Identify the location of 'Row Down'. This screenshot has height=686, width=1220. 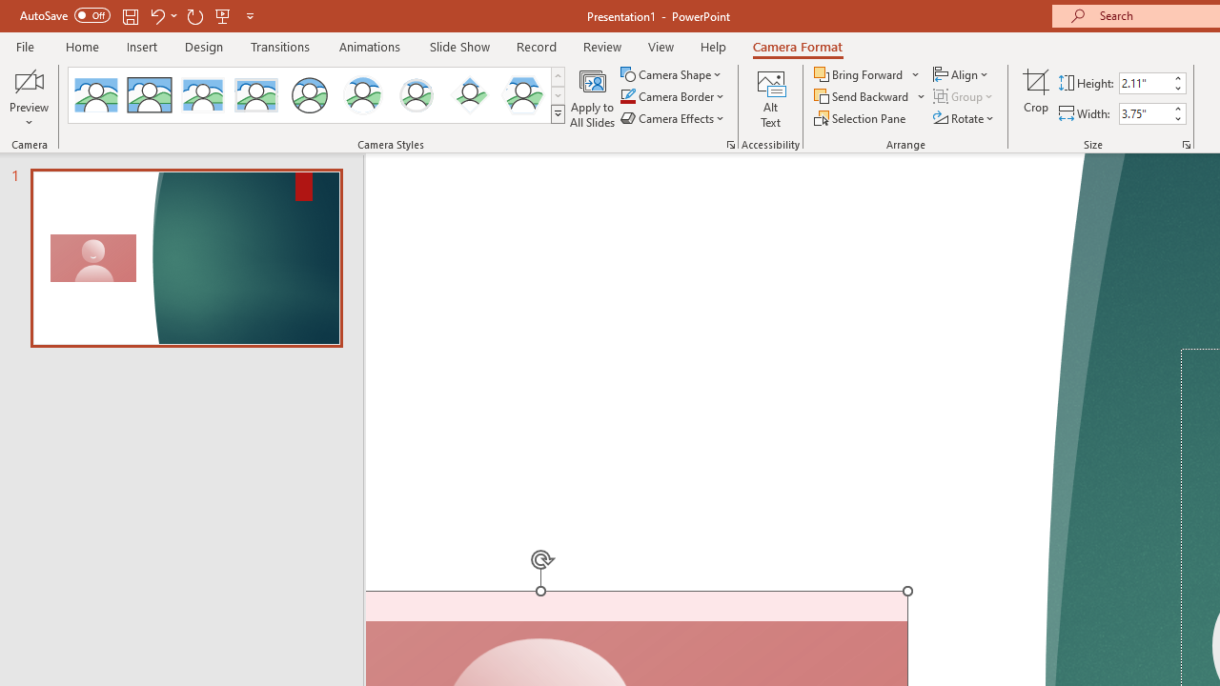
(557, 95).